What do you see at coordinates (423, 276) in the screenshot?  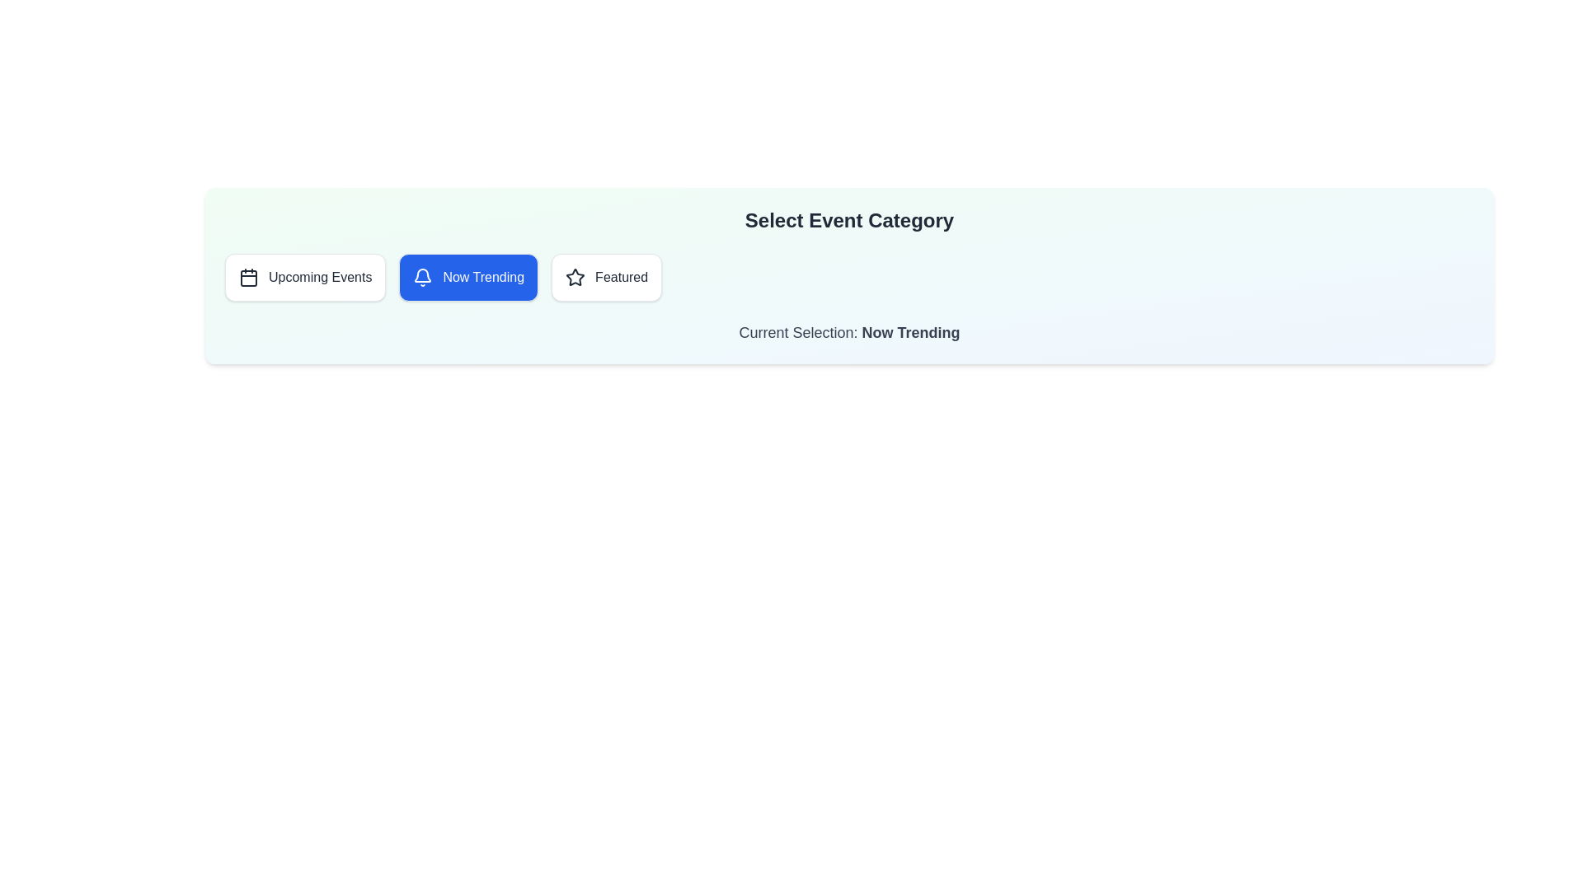 I see `the bell icon representing notifications, located within the blue button to the left of the 'Now Trending' text` at bounding box center [423, 276].